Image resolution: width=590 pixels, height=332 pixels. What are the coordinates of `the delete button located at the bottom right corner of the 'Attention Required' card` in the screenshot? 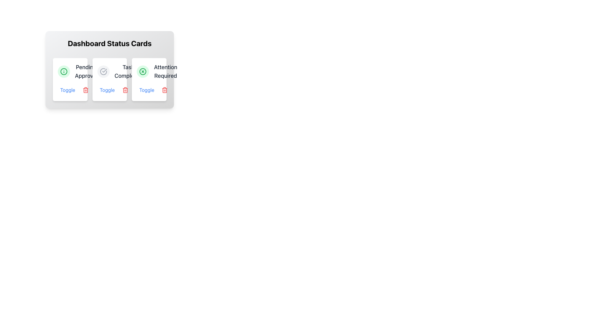 It's located at (165, 90).